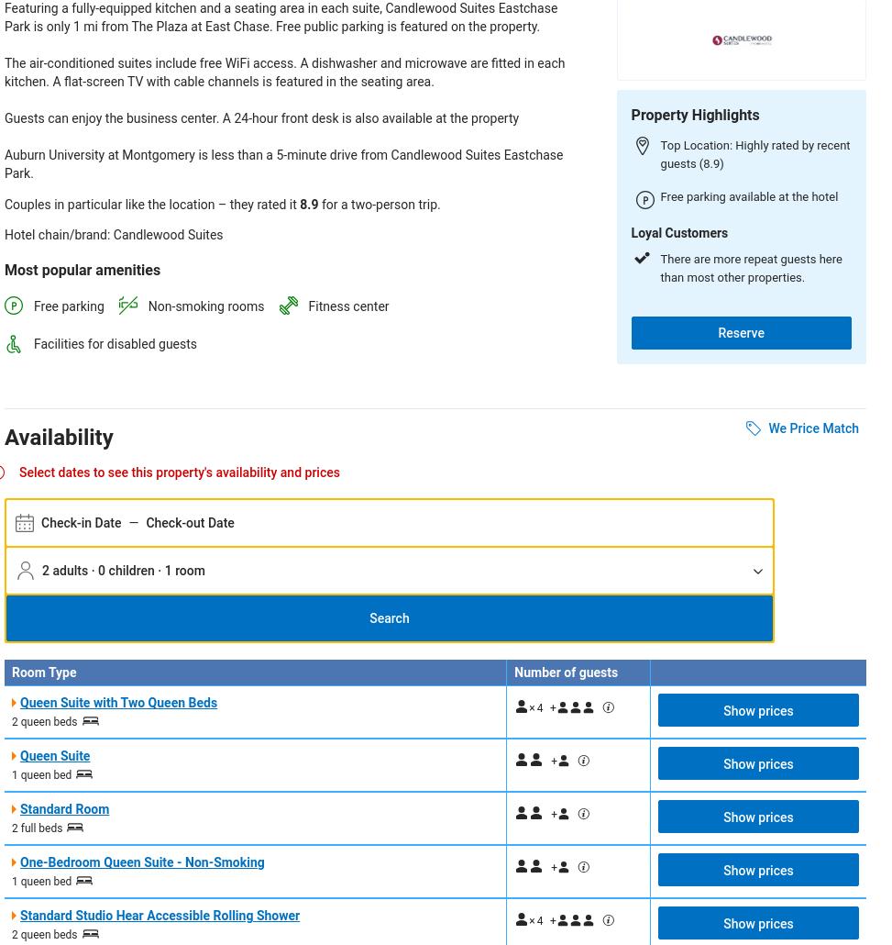 The image size is (892, 945). What do you see at coordinates (679, 232) in the screenshot?
I see `'Loyal Customers'` at bounding box center [679, 232].